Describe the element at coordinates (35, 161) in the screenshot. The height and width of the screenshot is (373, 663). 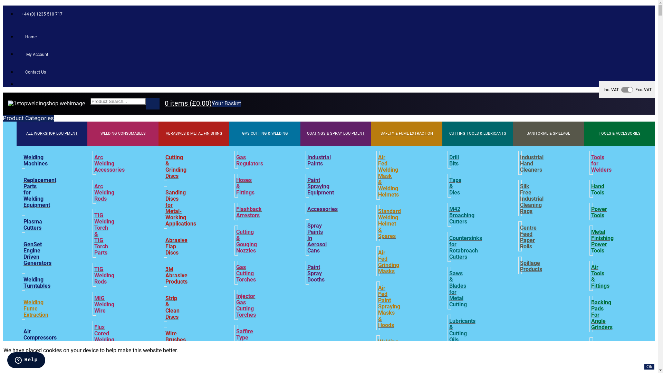
I see `'Welding Machines'` at that location.